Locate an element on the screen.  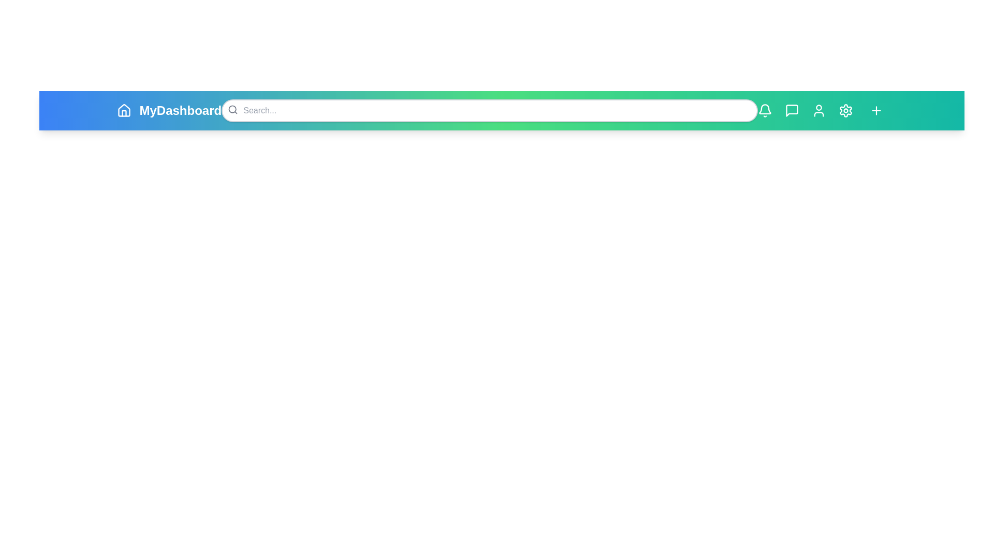
the search bar to focus it is located at coordinates (489, 110).